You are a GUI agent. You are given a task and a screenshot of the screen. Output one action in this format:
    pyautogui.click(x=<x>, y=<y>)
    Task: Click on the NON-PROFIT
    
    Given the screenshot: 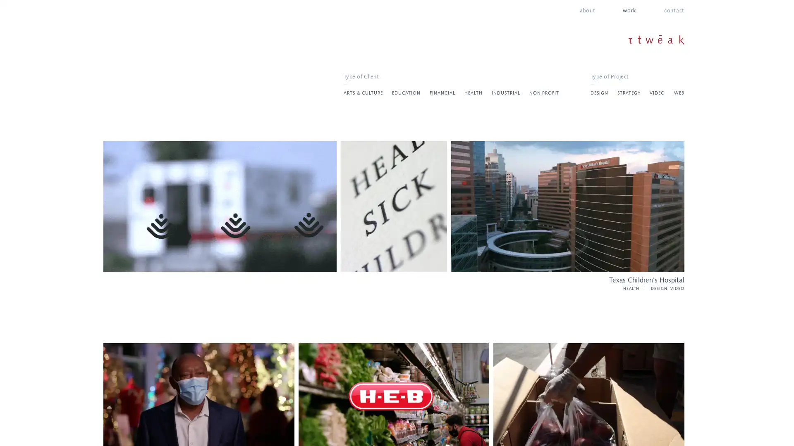 What is the action you would take?
    pyautogui.click(x=544, y=93)
    